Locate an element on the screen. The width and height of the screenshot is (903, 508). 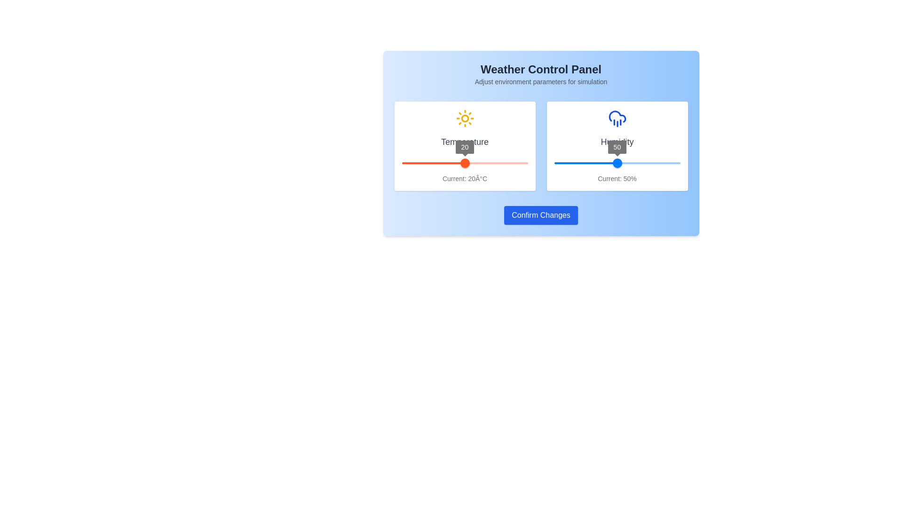
the temperature is located at coordinates (479, 188).